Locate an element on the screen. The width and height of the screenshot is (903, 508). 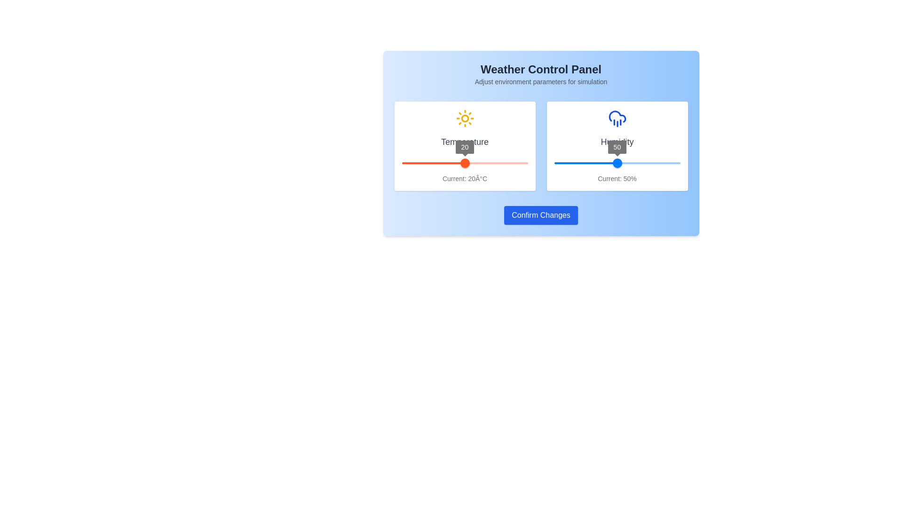
the temperature is located at coordinates (479, 188).